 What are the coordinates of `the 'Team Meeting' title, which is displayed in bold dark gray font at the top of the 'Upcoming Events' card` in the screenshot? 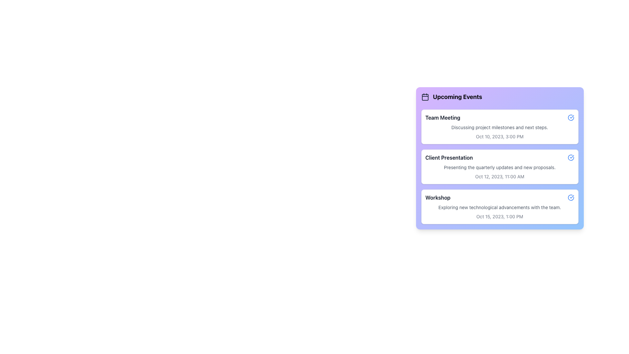 It's located at (443, 117).